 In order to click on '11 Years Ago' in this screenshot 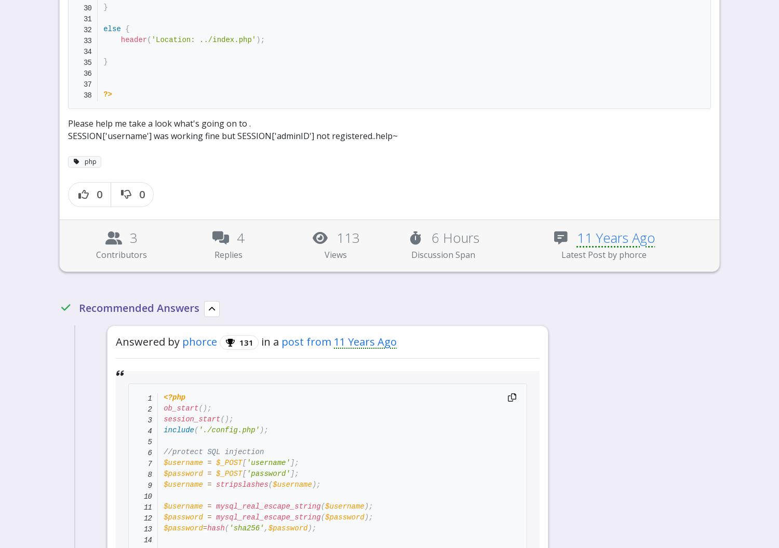, I will do `click(517, 12)`.